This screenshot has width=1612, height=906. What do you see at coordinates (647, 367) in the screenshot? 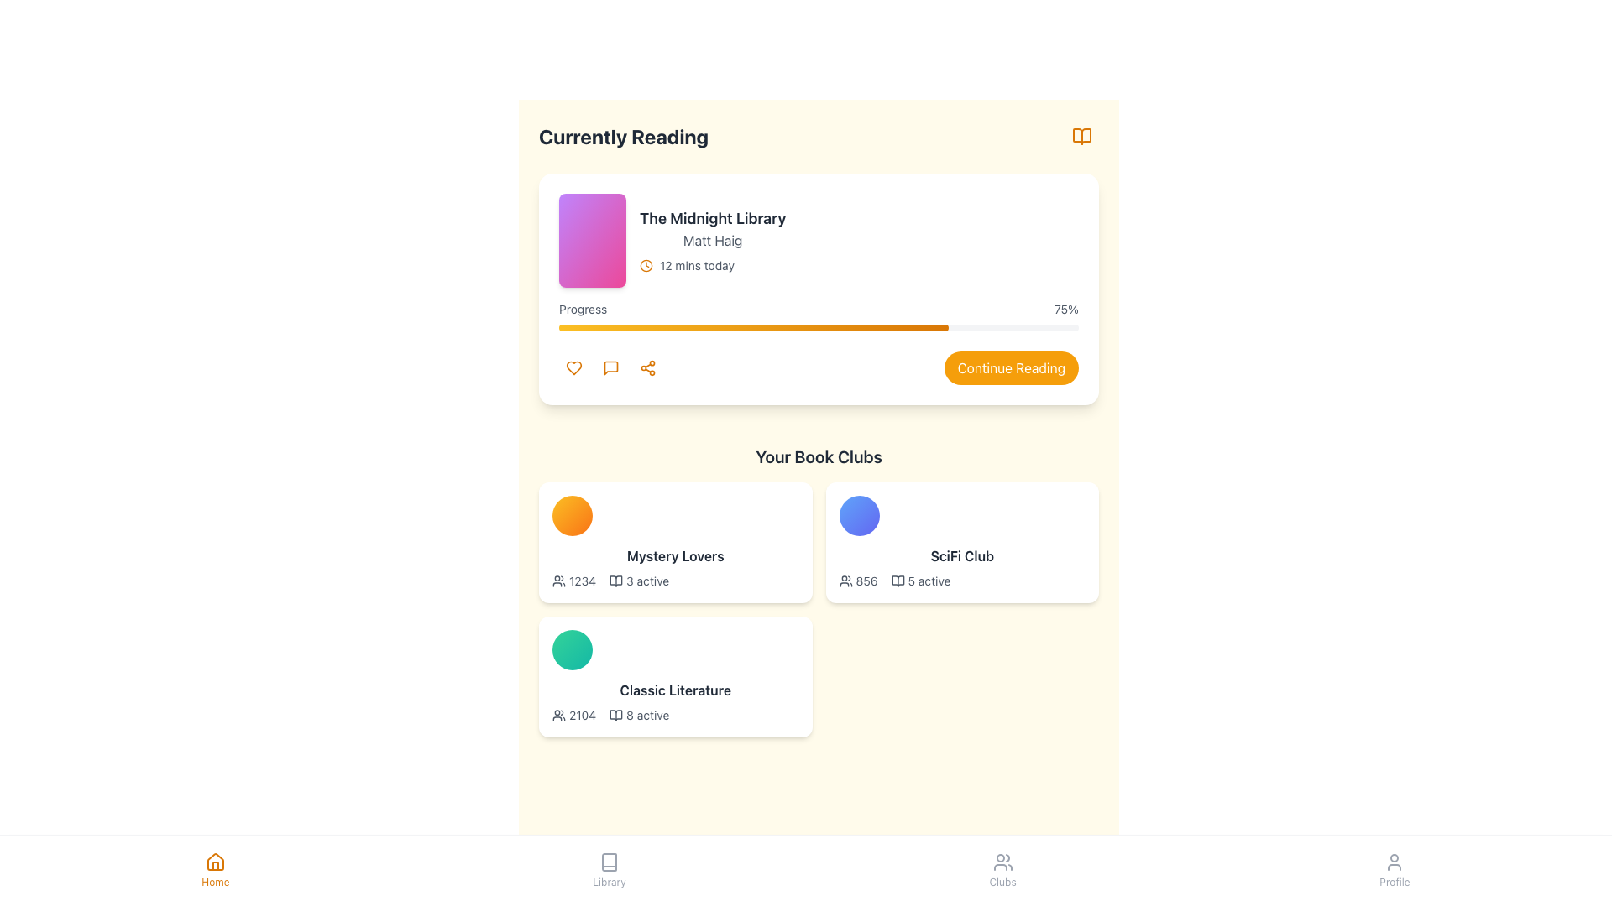
I see `the share icon located in the 'Currently Reading' section to share the content related to the current book` at bounding box center [647, 367].